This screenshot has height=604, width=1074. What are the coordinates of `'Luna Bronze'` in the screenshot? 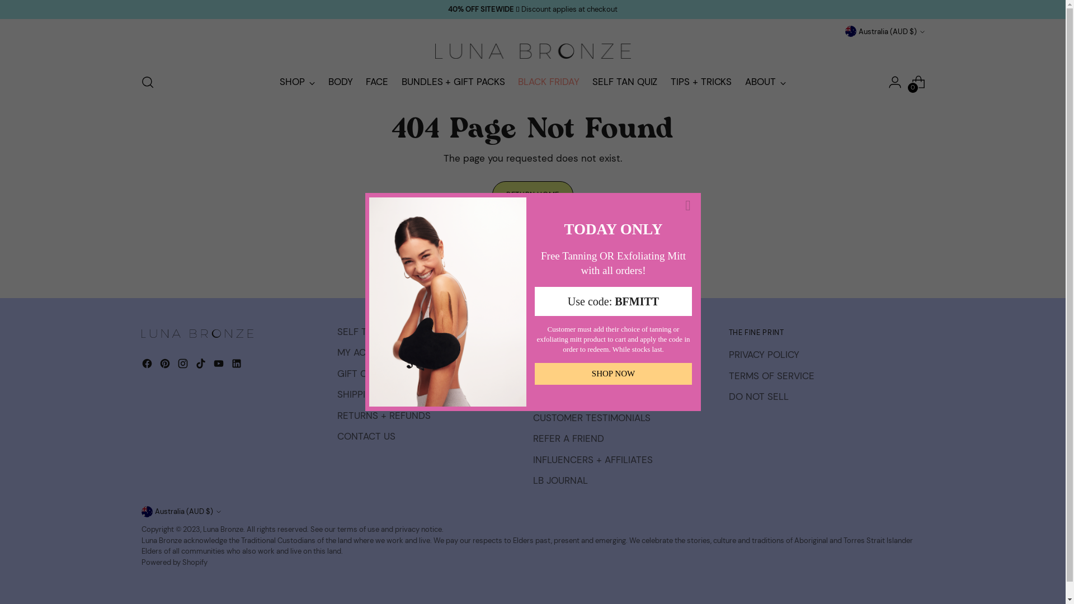 It's located at (223, 528).